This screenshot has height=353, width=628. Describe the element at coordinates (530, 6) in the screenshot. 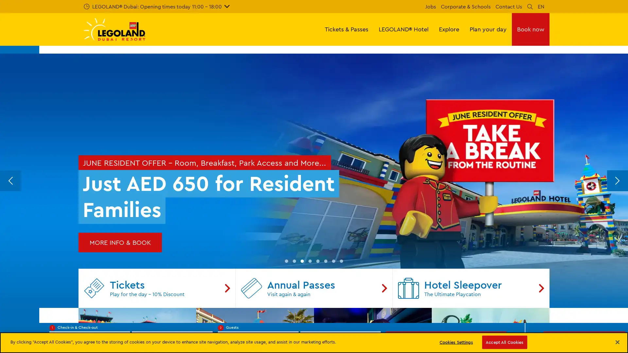

I see `Search` at that location.